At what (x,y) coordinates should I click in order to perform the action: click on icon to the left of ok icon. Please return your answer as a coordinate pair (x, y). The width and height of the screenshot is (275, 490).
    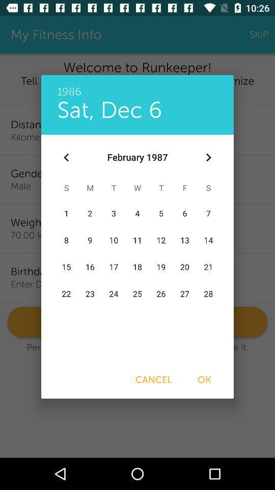
    Looking at the image, I should click on (153, 379).